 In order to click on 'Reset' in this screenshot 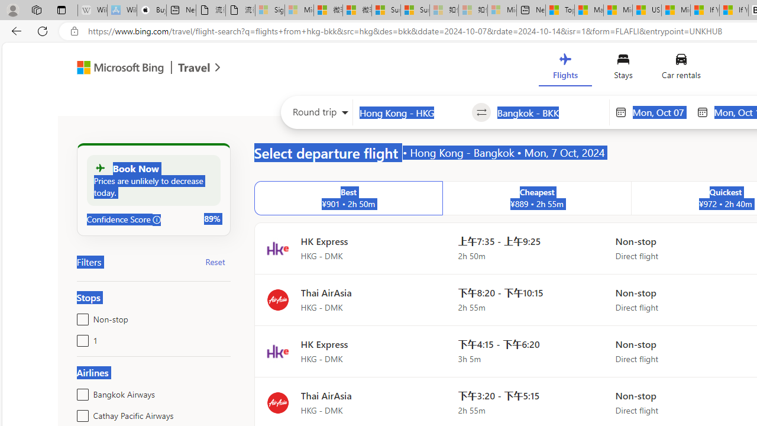, I will do `click(215, 261)`.